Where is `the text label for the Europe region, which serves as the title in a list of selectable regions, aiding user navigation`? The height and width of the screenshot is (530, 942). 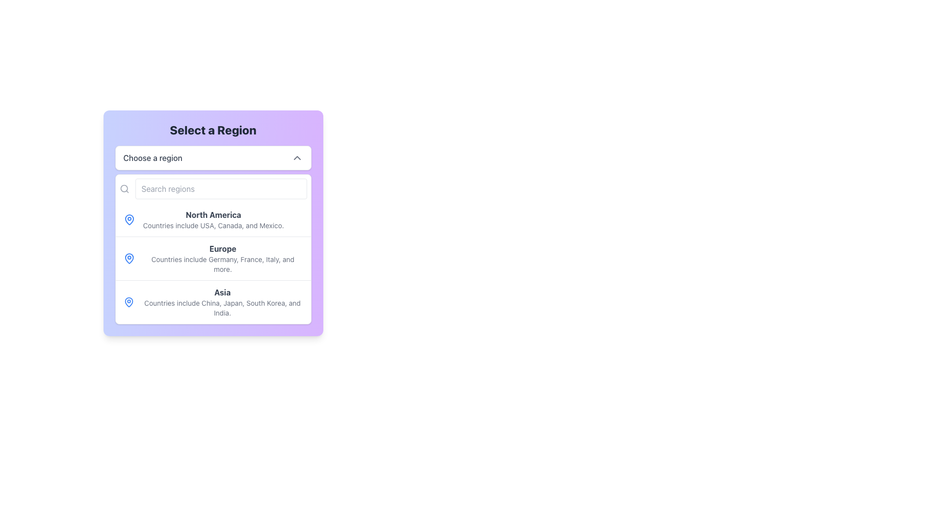 the text label for the Europe region, which serves as the title in a list of selectable regions, aiding user navigation is located at coordinates (222, 248).